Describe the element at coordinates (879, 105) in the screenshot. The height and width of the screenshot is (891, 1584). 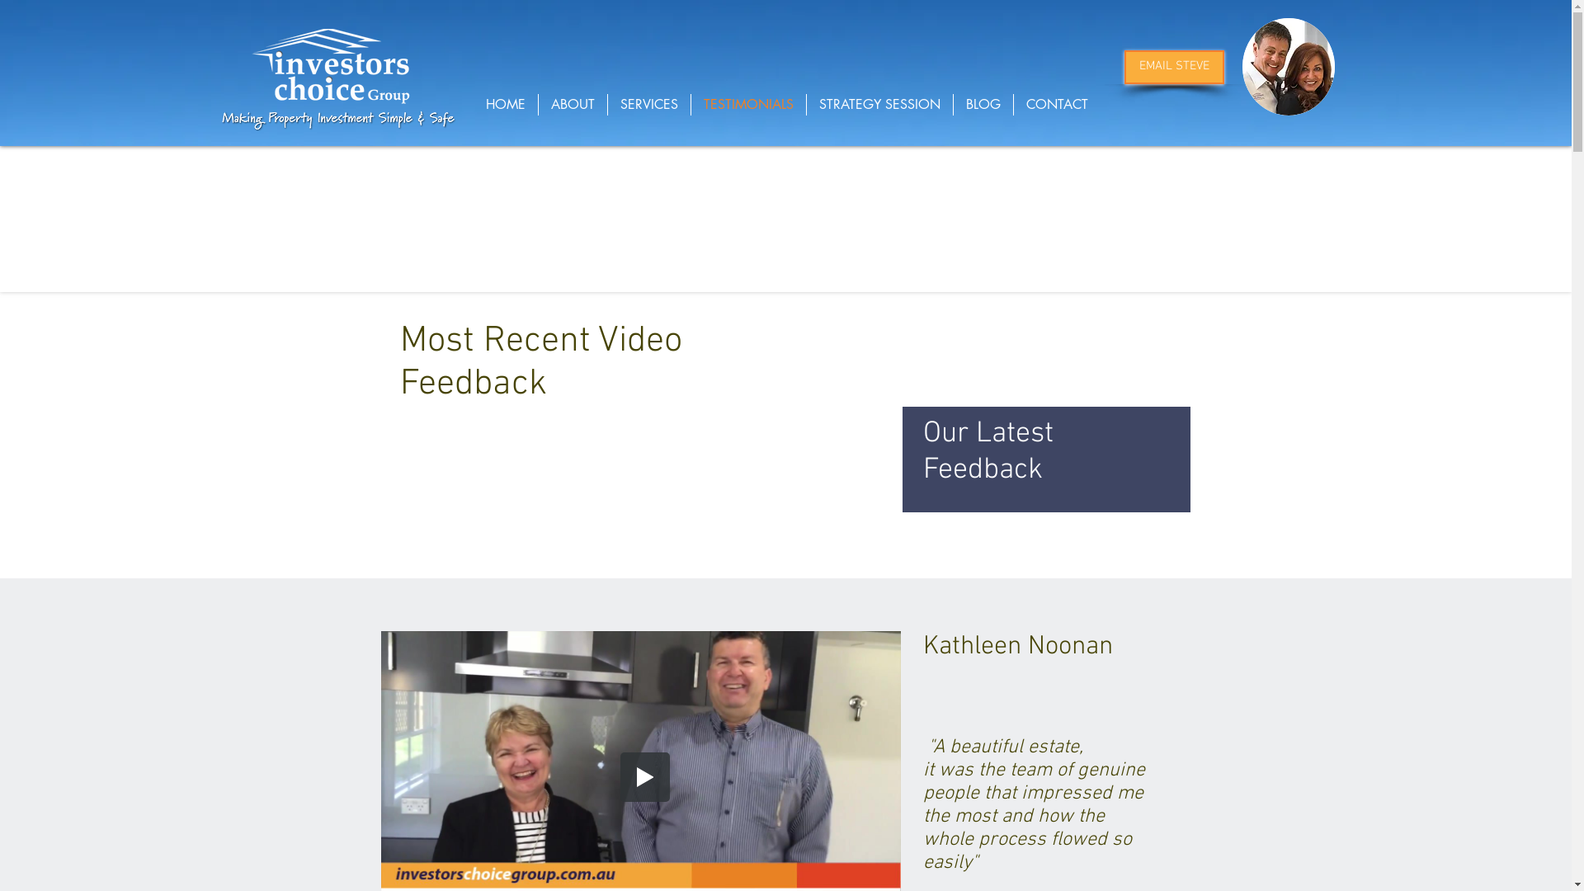
I see `'STRATEGY SESSION'` at that location.